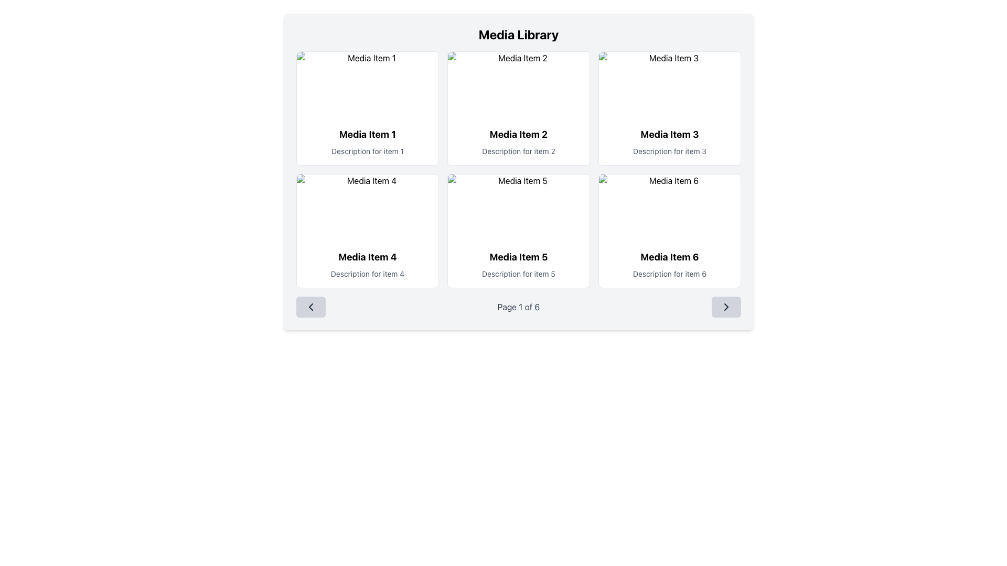 The image size is (1007, 566). I want to click on text content of the bold and large font heading labeled 'Media Item 3' located in the media grid interface, specifically the header of the third media card in the first row, so click(669, 134).